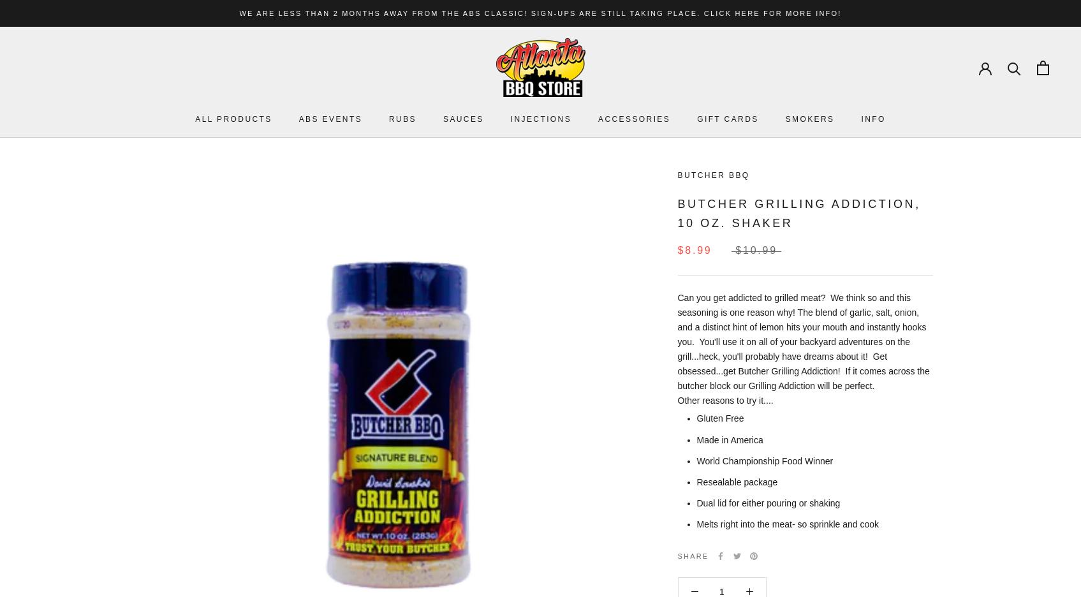 This screenshot has height=597, width=1081. Describe the element at coordinates (695, 249) in the screenshot. I see `'$8.99'` at that location.